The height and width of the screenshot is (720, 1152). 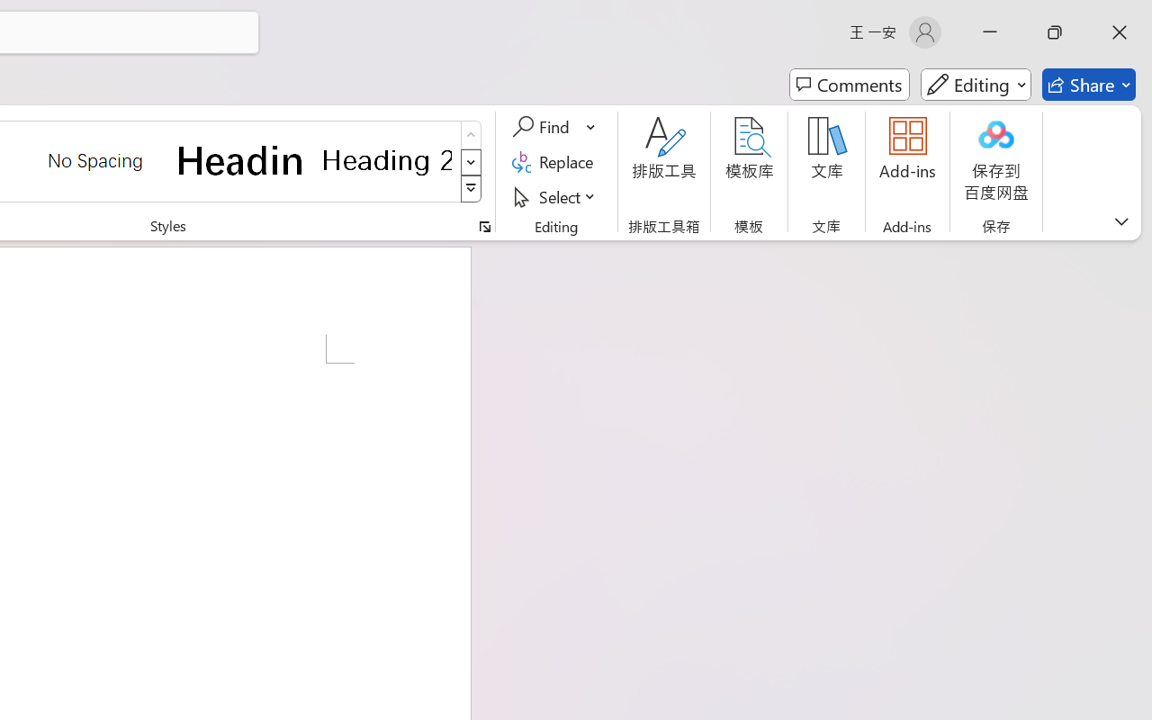 What do you see at coordinates (471, 161) in the screenshot?
I see `'Row Down'` at bounding box center [471, 161].